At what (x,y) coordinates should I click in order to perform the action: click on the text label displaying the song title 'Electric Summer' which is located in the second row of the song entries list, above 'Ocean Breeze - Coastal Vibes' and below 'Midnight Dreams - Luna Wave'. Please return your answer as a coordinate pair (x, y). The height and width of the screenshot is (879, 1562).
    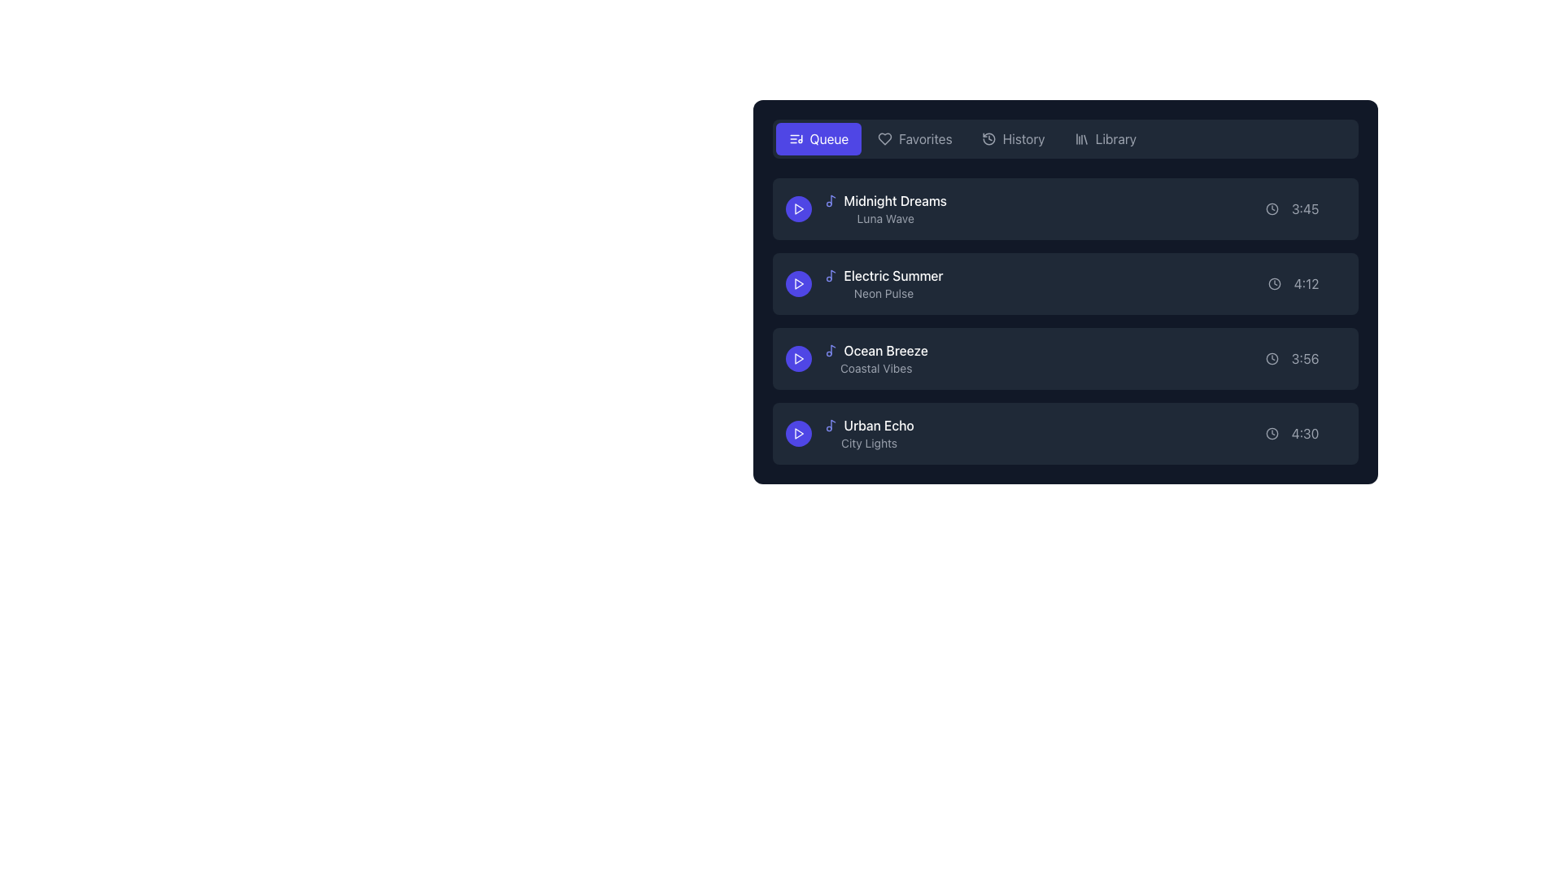
    Looking at the image, I should click on (863, 282).